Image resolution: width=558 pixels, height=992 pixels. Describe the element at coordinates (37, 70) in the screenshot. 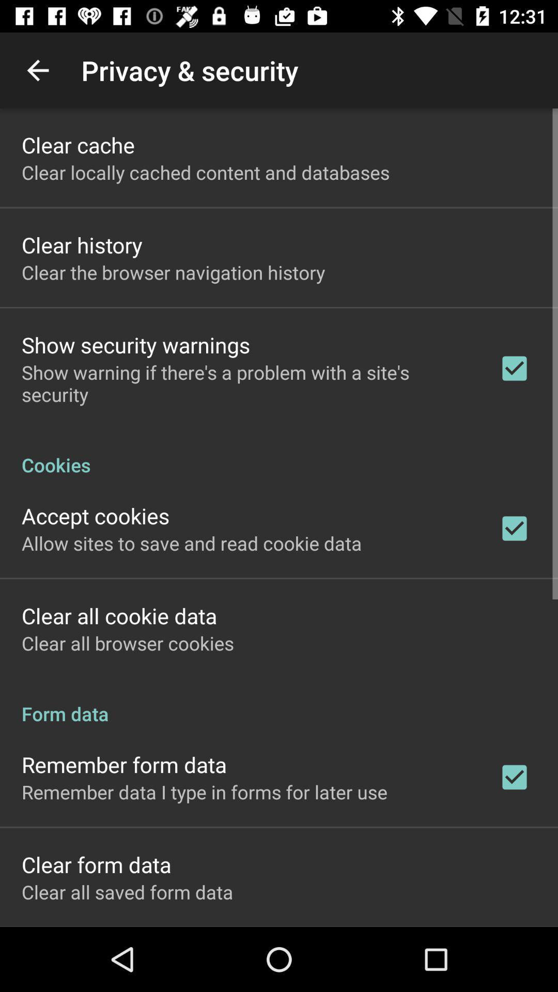

I see `item above clear cache item` at that location.